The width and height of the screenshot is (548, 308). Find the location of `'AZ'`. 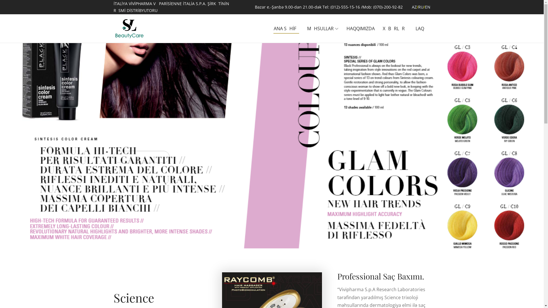

'AZ' is located at coordinates (414, 7).